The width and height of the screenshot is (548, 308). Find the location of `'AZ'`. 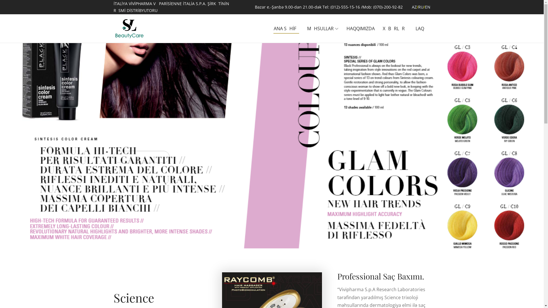

'AZ' is located at coordinates (414, 7).